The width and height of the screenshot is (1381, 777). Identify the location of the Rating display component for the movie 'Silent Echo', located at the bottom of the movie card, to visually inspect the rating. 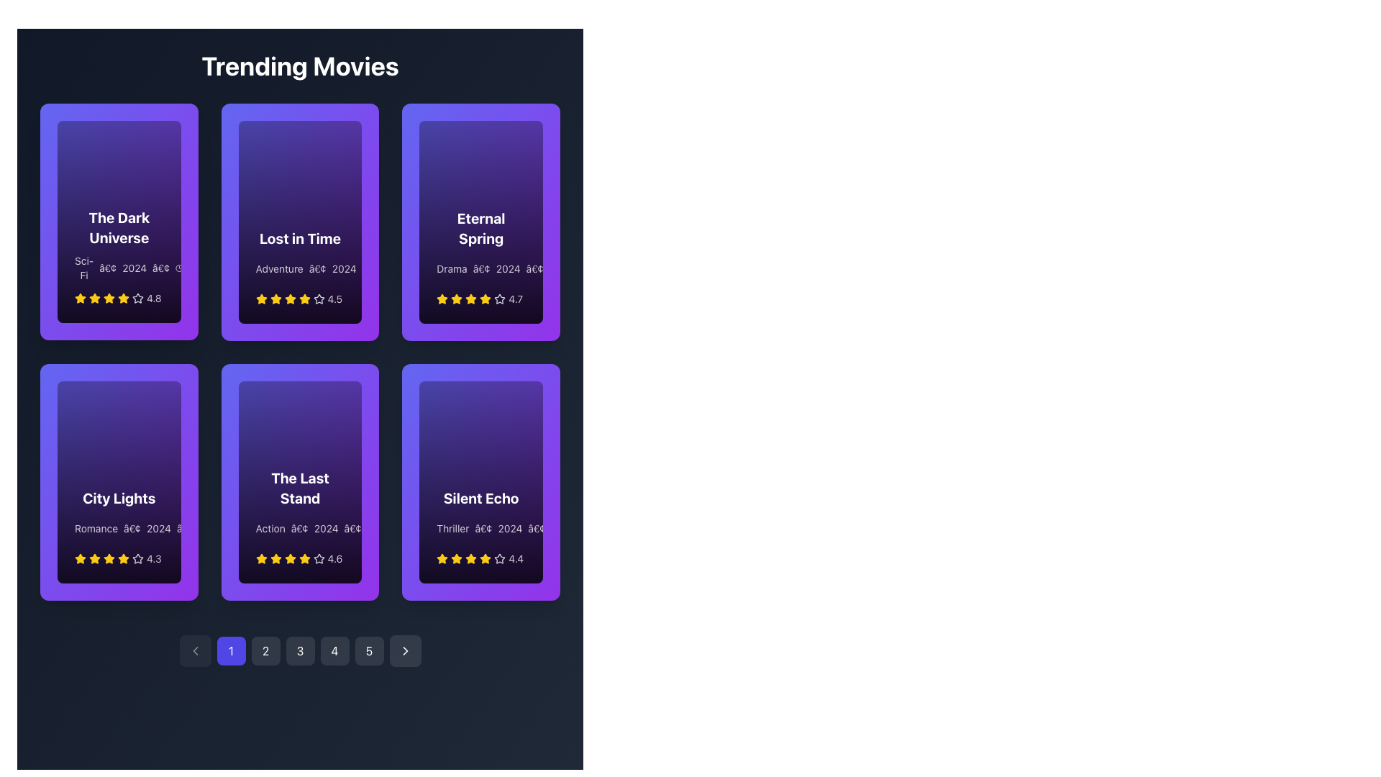
(481, 558).